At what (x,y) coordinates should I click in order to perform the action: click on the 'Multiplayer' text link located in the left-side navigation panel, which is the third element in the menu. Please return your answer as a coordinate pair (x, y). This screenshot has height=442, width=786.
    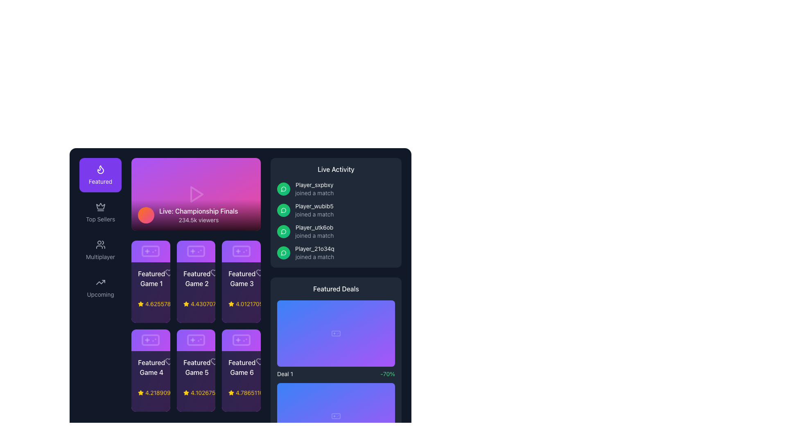
    Looking at the image, I should click on (100, 257).